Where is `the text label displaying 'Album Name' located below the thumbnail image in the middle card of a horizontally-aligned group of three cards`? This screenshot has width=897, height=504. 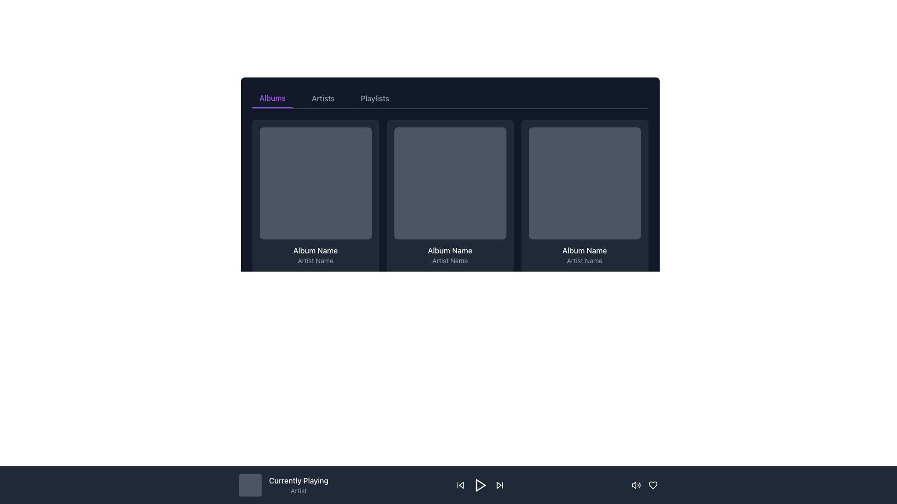
the text label displaying 'Album Name' located below the thumbnail image in the middle card of a horizontally-aligned group of three cards is located at coordinates (450, 250).